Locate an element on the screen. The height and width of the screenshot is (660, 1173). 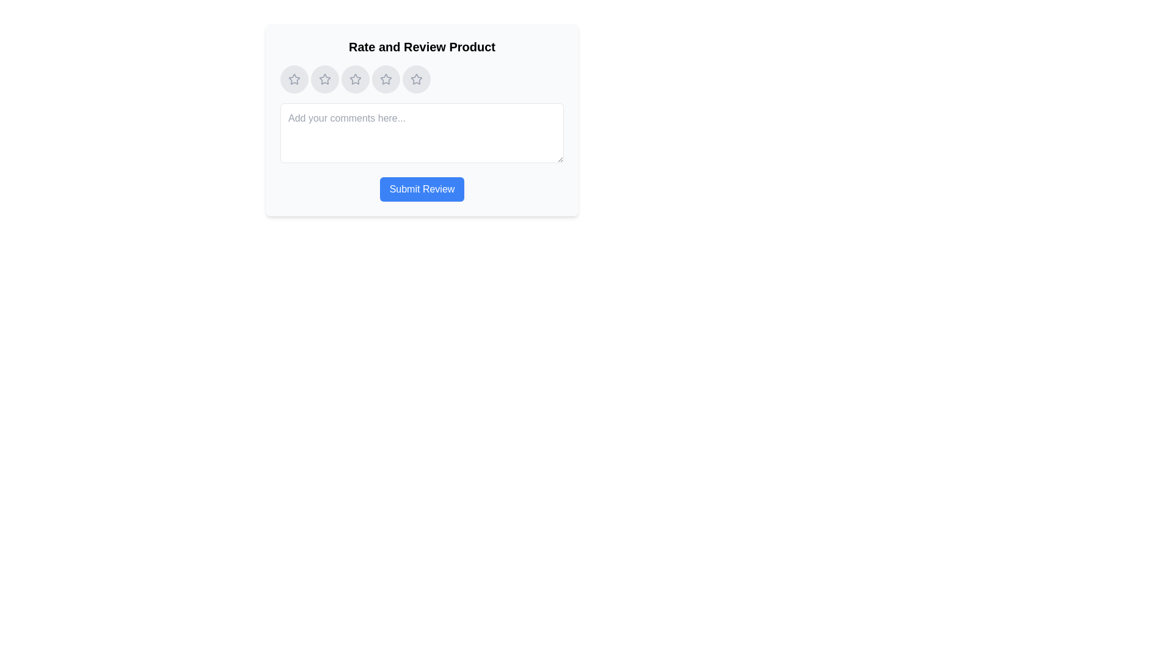
the second star icon in the row of five star icons under the product review heading is located at coordinates (325, 79).